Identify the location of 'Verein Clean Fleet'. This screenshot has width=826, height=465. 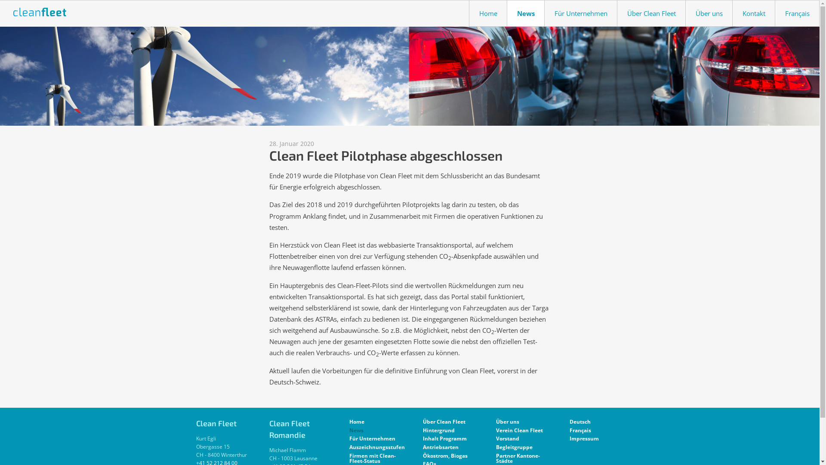
(489, 430).